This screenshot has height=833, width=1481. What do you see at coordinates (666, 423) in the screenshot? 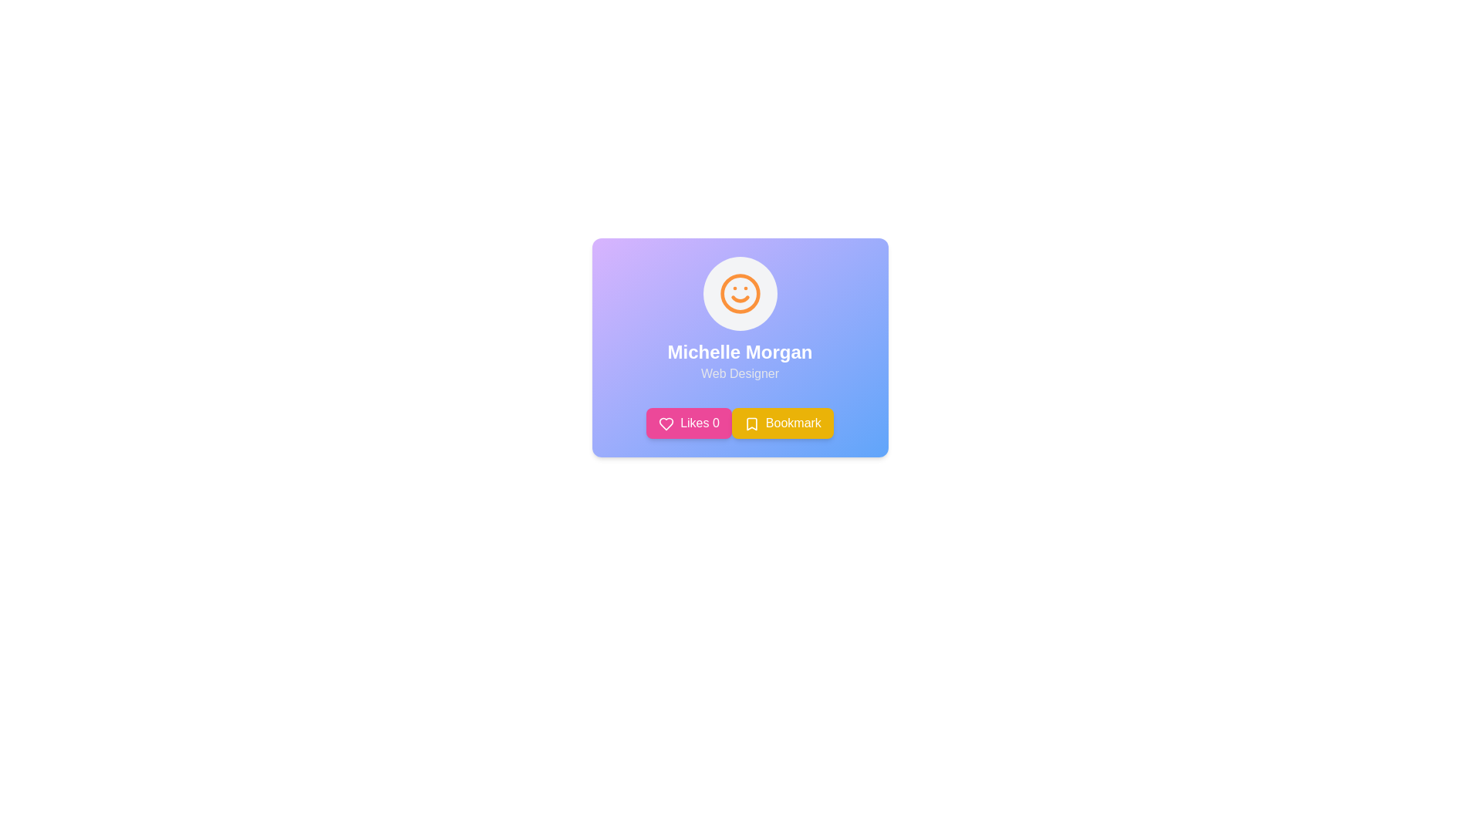
I see `the pink heart-shaped icon located within the 'Likes' counter widget` at bounding box center [666, 423].